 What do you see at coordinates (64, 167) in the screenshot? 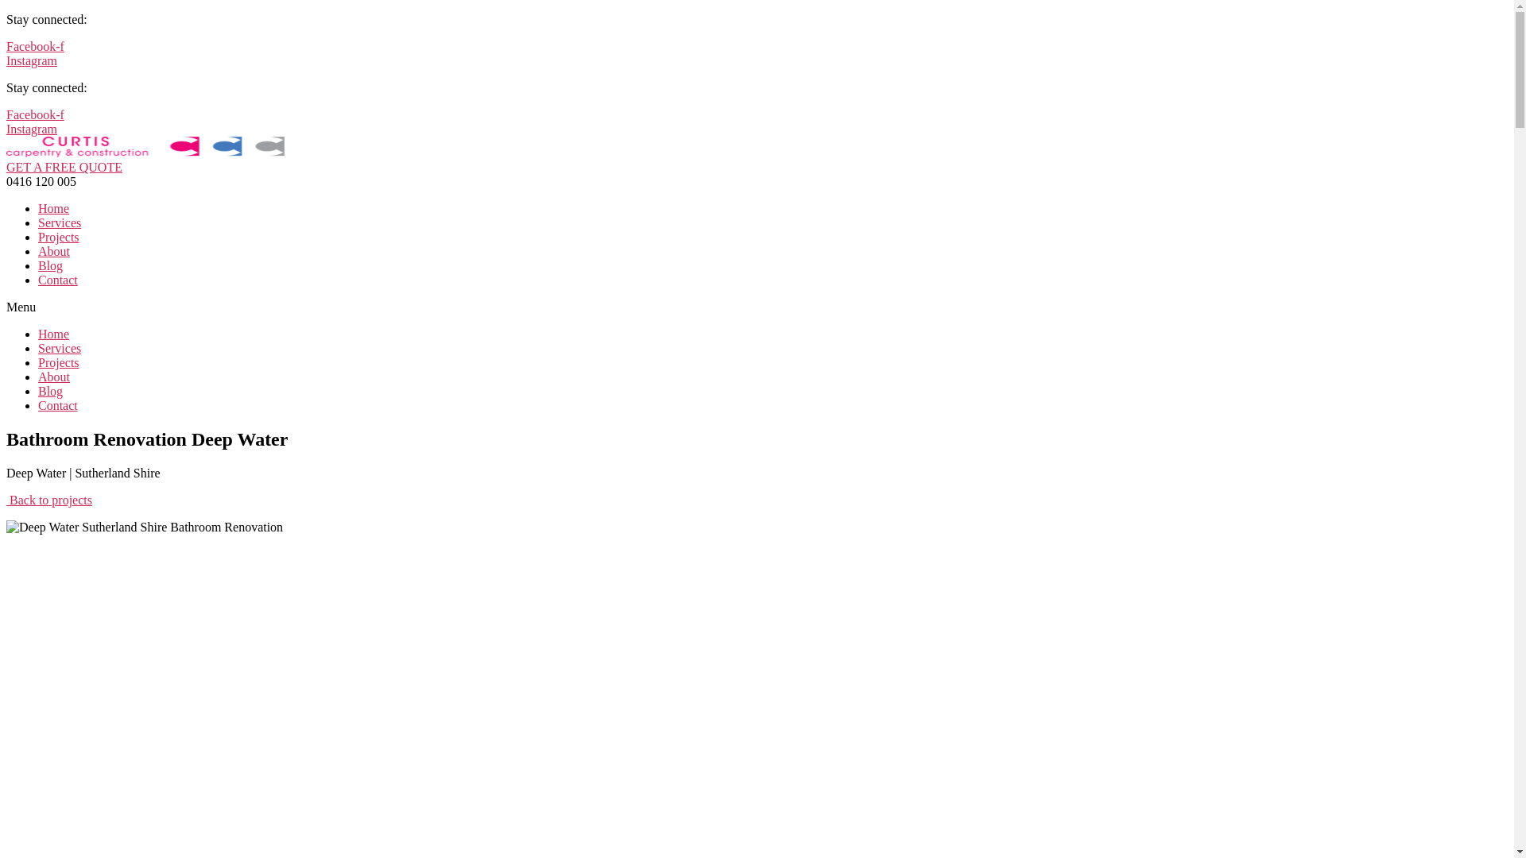
I see `'GET A FREE QUOTE'` at bounding box center [64, 167].